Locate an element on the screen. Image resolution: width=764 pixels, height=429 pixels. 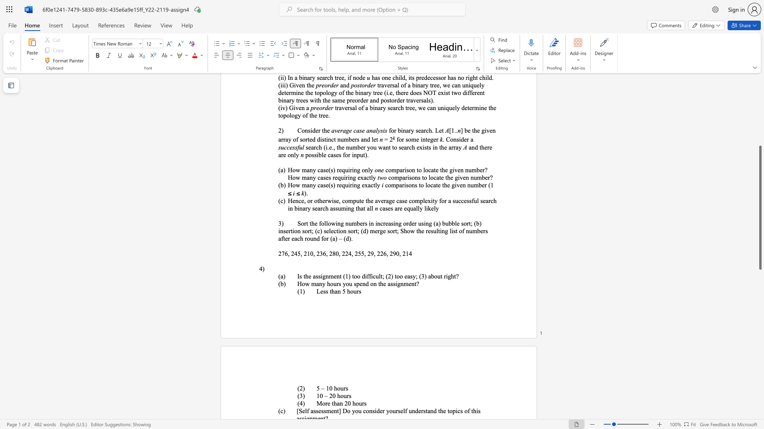
the subset text "; (3) about ri" within the text "Is the assignment (1) too difficult; (2) too easy; (3) about right?" is located at coordinates (415, 276).